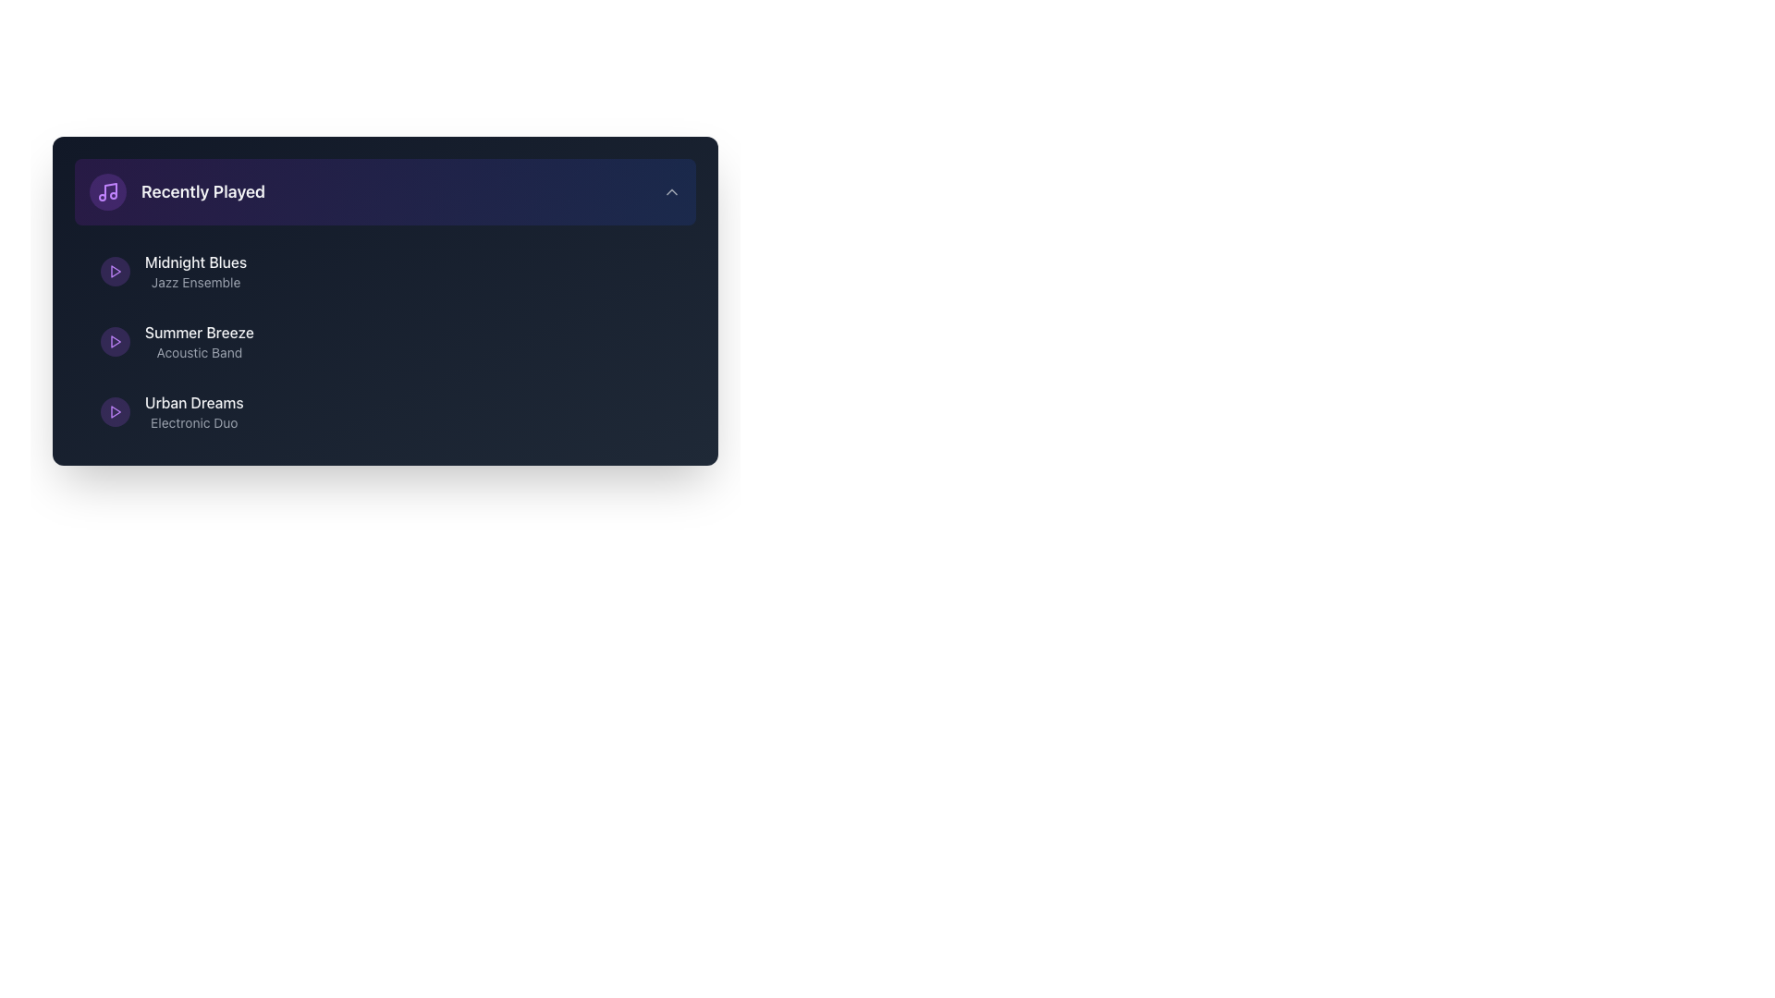 Image resolution: width=1775 pixels, height=998 pixels. I want to click on the triangular purple play icon button located to the left of the 'Summer Breeze' media item to play the media, so click(114, 342).